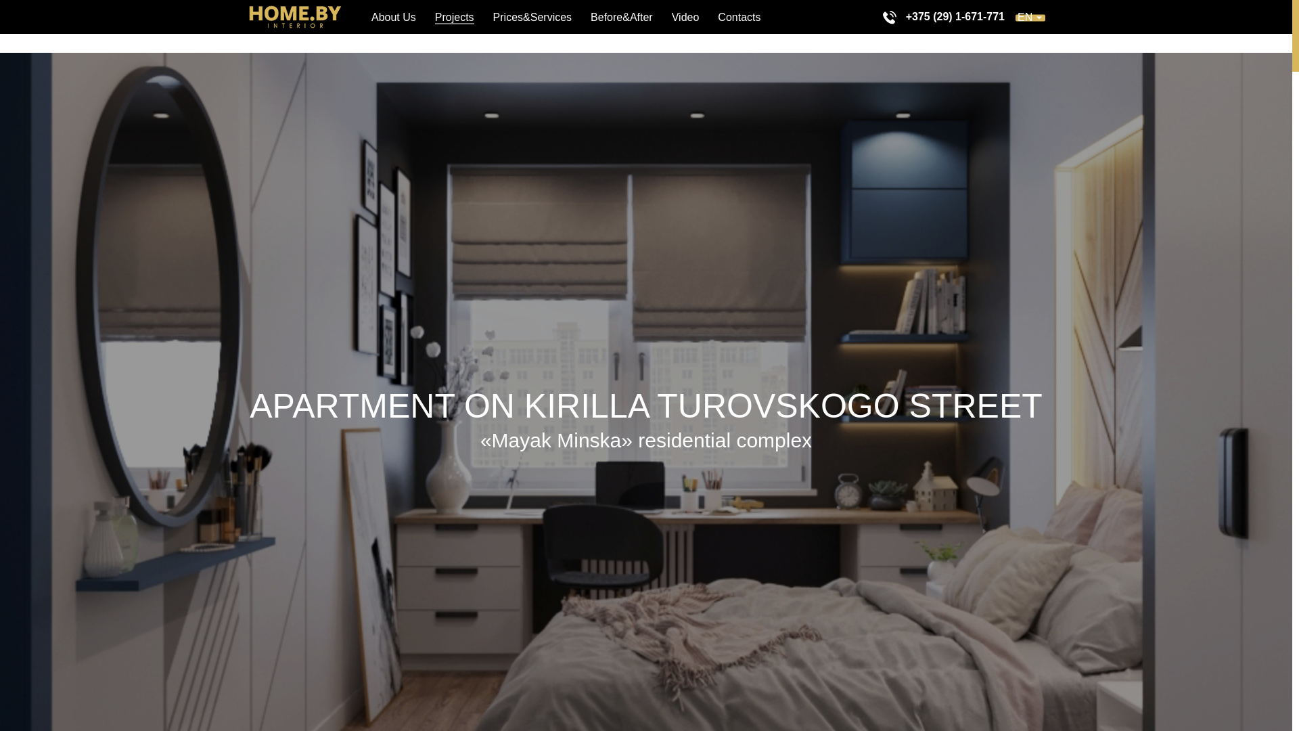 This screenshot has width=1299, height=731. What do you see at coordinates (1016, 18) in the screenshot?
I see `'EN'` at bounding box center [1016, 18].